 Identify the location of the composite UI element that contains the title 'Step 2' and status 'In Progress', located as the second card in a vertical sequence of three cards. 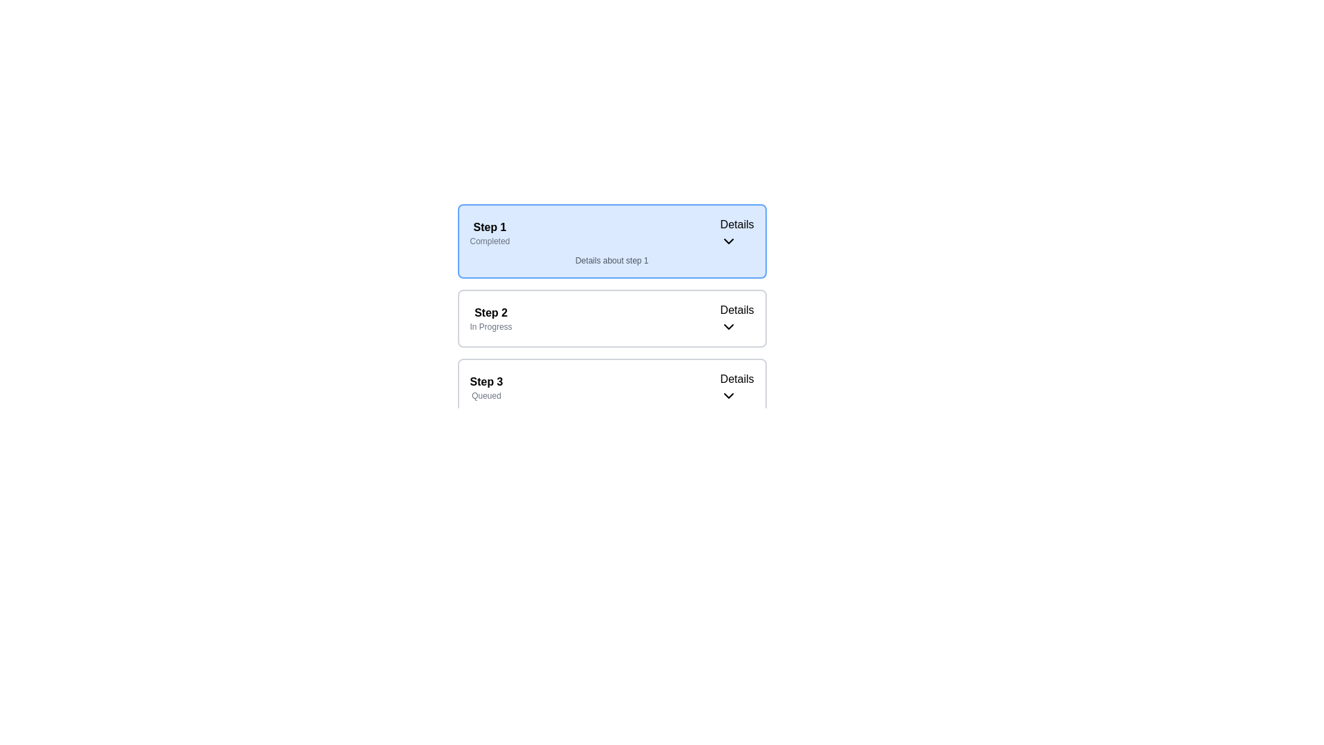
(611, 310).